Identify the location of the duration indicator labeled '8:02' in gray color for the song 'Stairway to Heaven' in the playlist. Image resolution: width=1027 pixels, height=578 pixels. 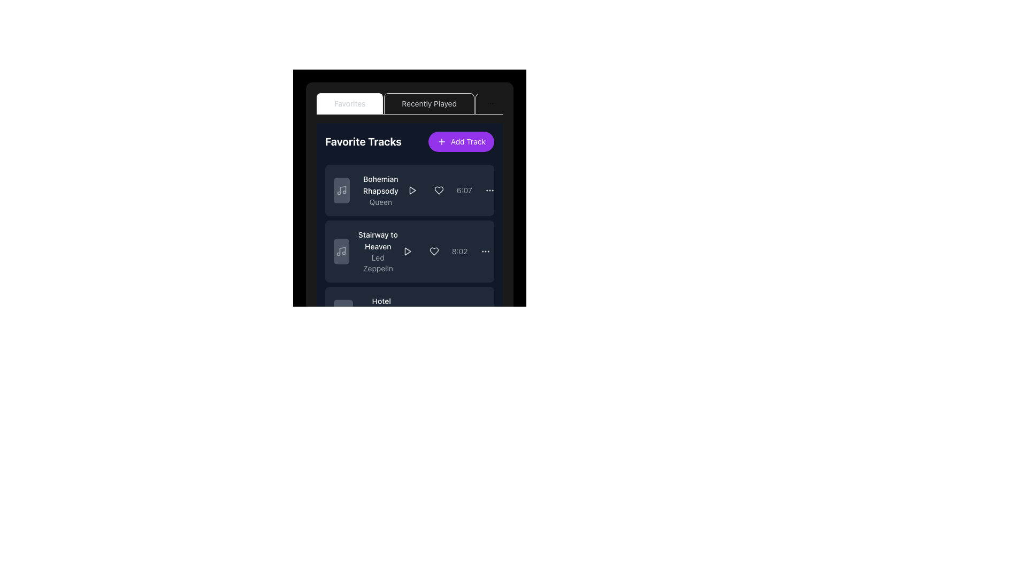
(459, 252).